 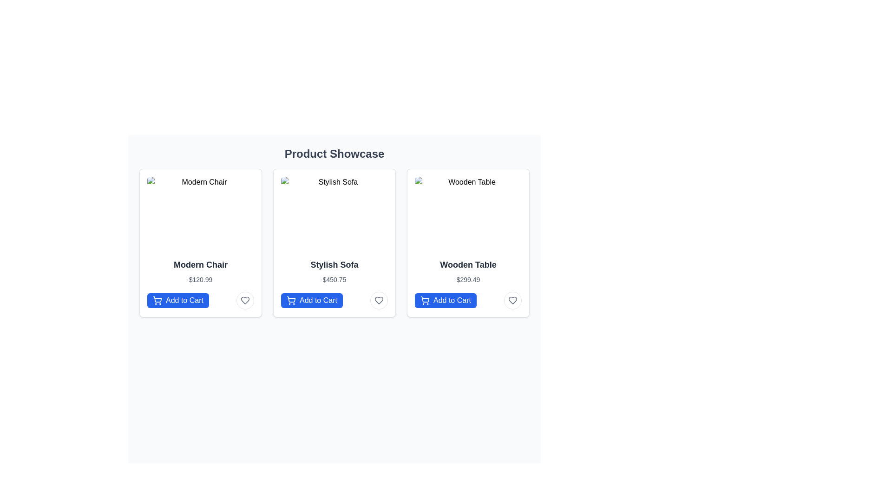 What do you see at coordinates (445, 301) in the screenshot?
I see `the 'Add to Cart' button with a blue background and rounded corners in the third column of the product showcase grid` at bounding box center [445, 301].